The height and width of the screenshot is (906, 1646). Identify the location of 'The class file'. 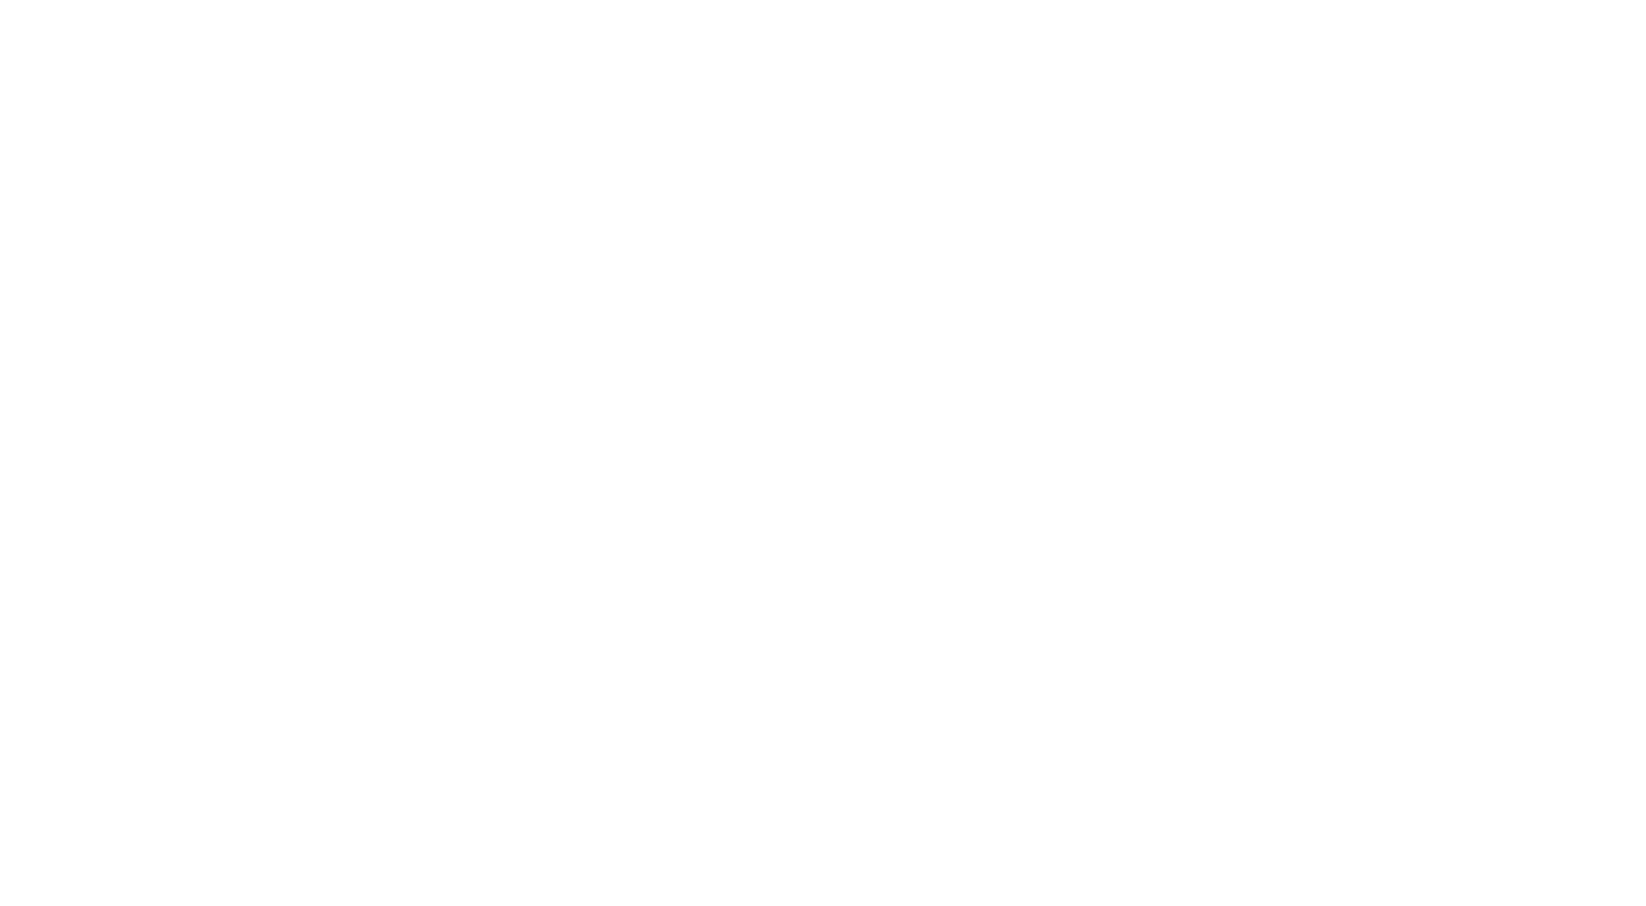
(829, 658).